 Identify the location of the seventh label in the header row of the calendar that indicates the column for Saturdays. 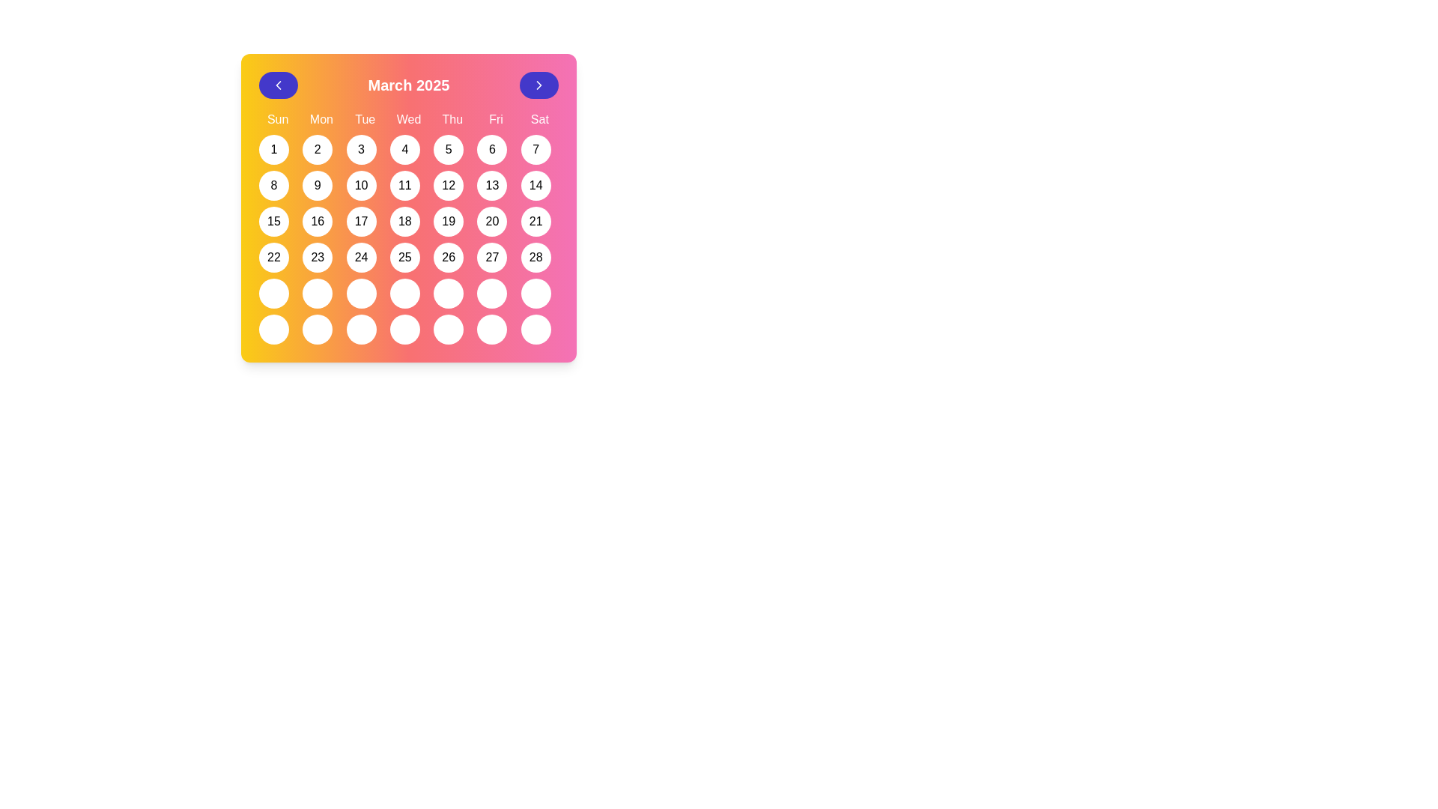
(539, 118).